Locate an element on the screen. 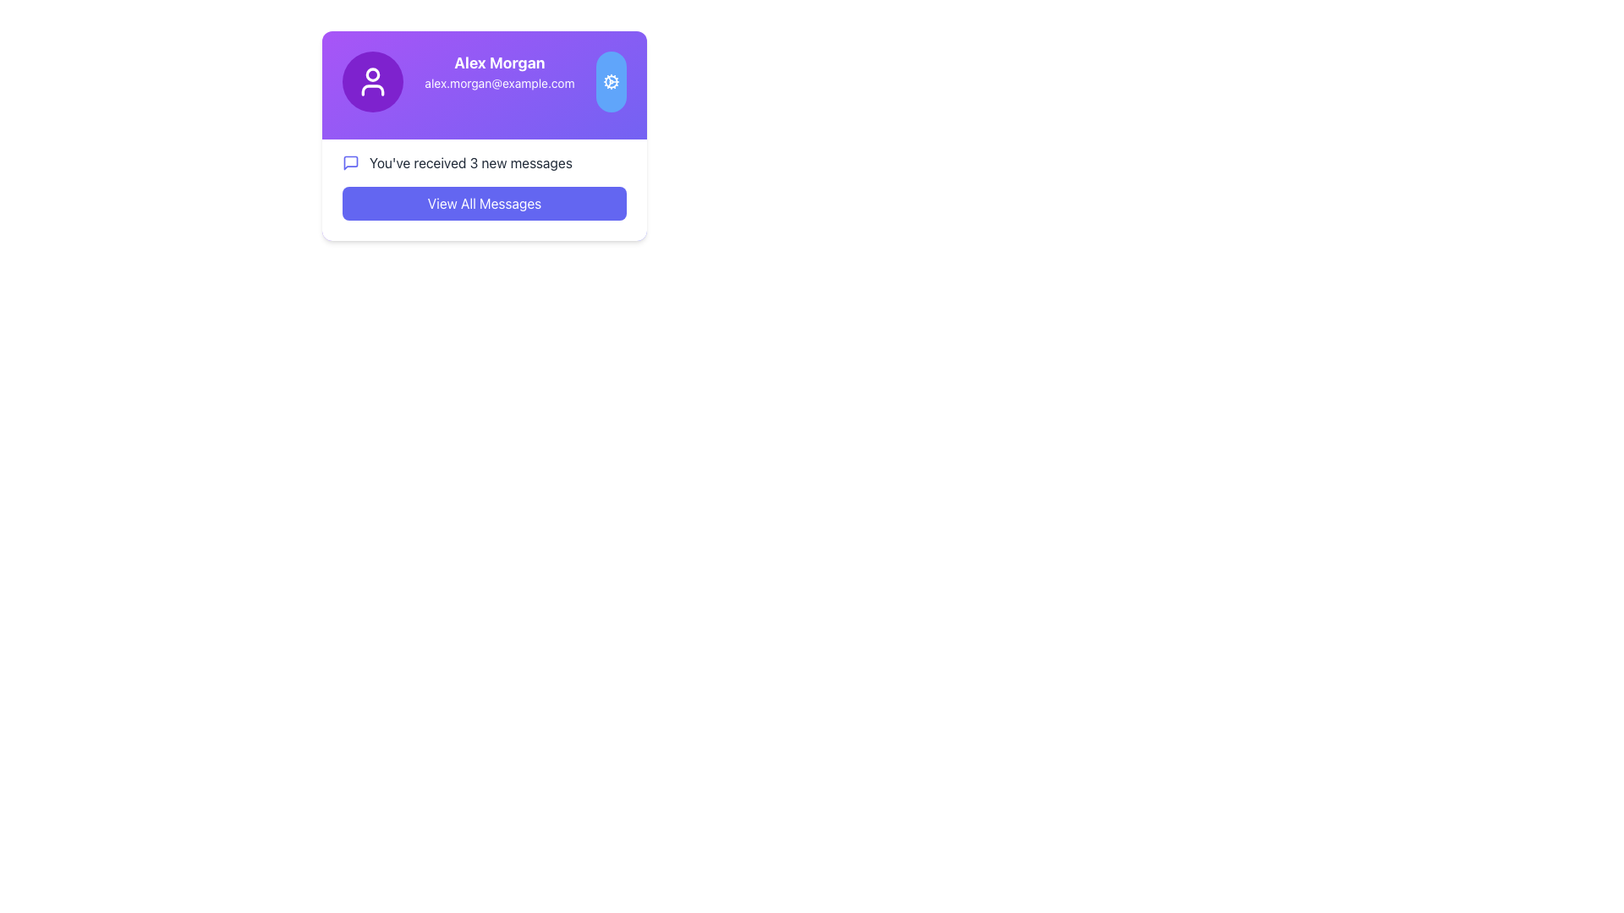  the text label displaying the user's name 'Alex Morgan' located at the top-left corner of the card layout is located at coordinates (498, 62).